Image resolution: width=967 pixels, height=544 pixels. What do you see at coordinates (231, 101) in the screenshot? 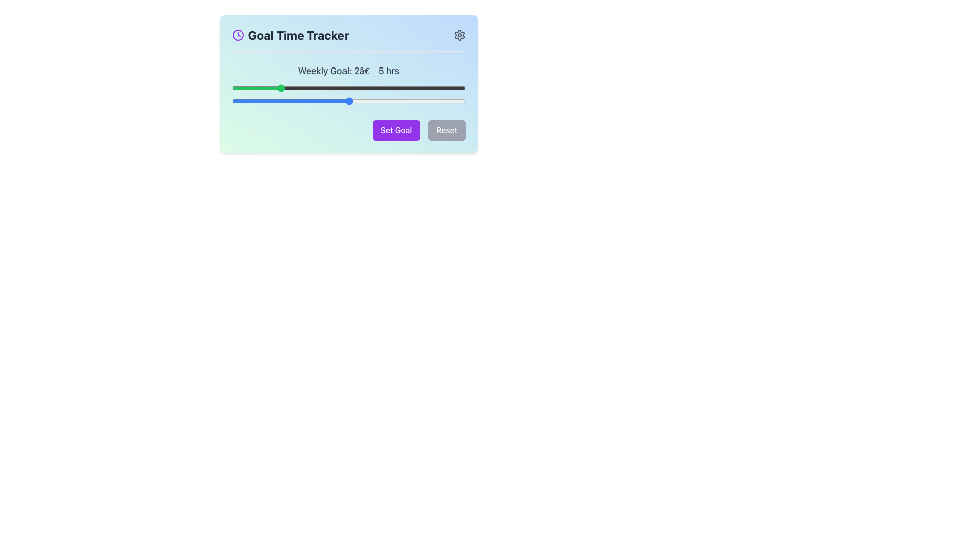
I see `the slider value` at bounding box center [231, 101].